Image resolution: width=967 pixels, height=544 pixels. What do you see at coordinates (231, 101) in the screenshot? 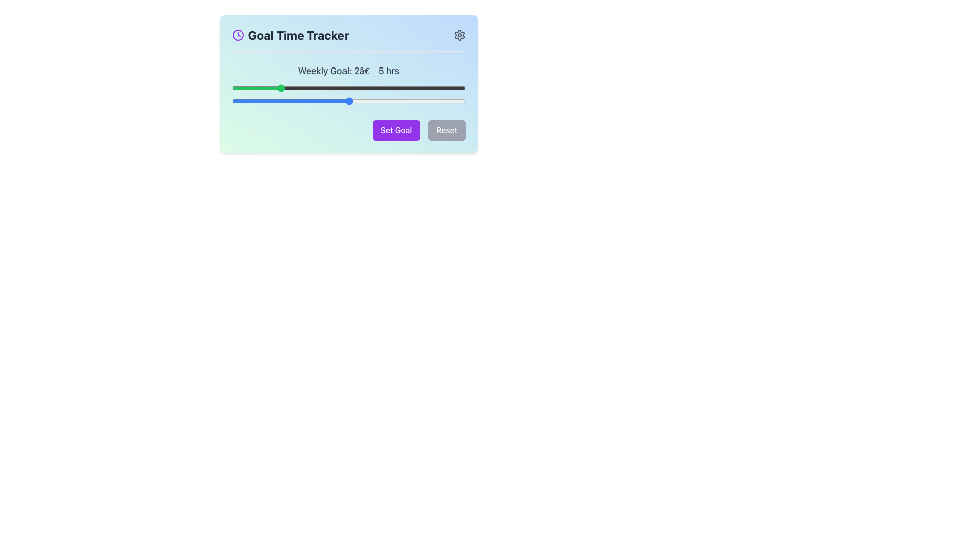
I see `the slider value` at bounding box center [231, 101].